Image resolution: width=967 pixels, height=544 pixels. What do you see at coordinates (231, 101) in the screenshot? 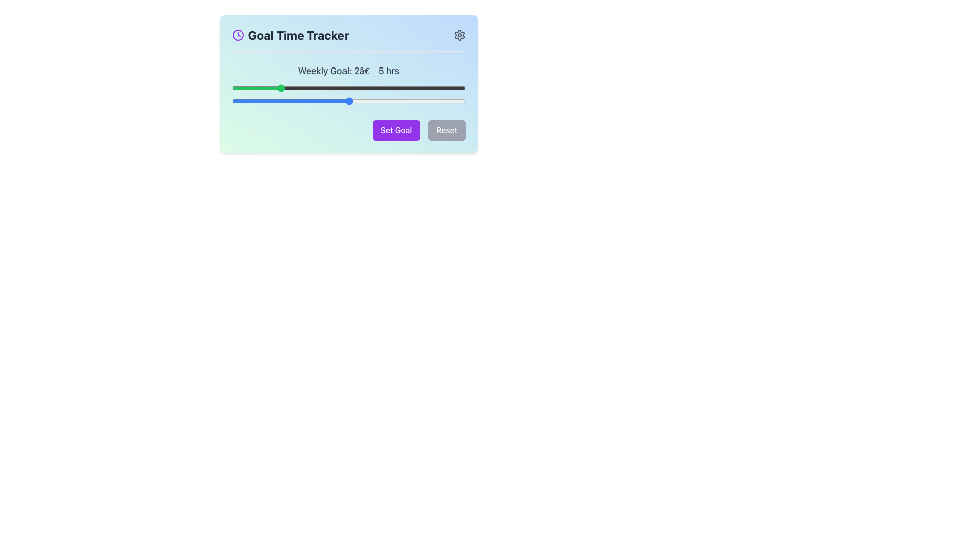
I see `the slider value` at bounding box center [231, 101].